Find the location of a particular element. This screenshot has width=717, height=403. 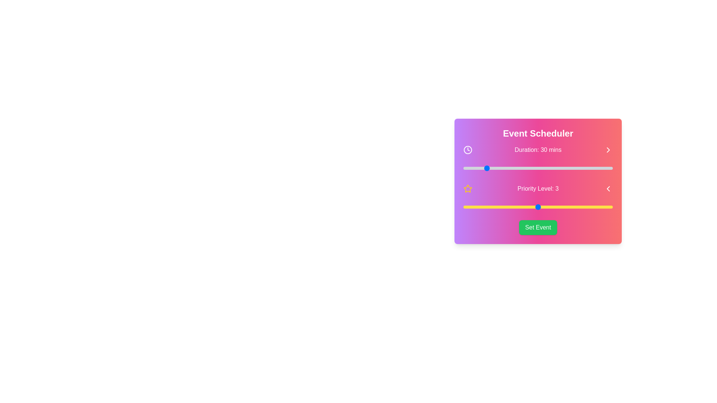

the slider is located at coordinates (566, 168).